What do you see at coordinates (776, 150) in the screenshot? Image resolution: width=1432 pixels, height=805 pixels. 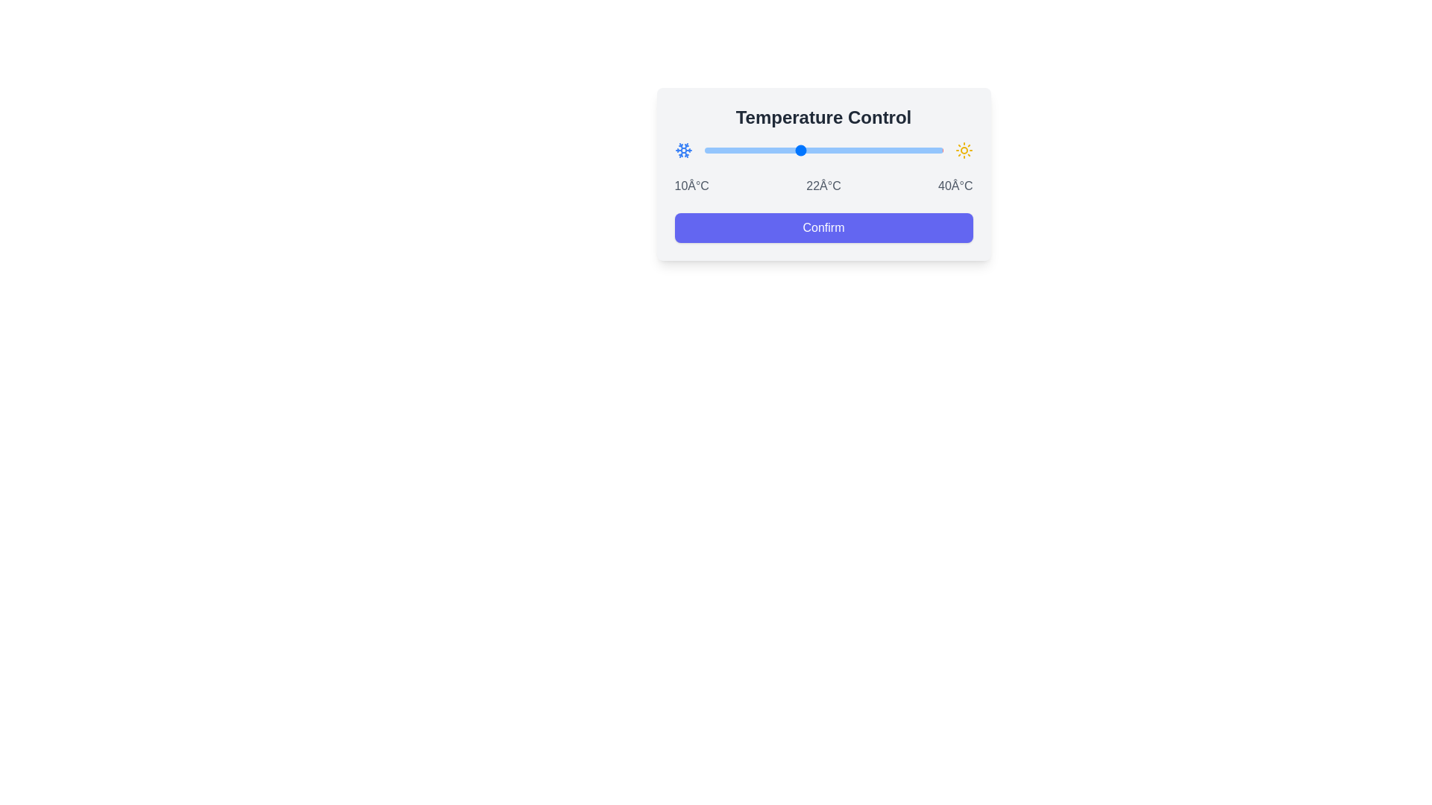 I see `the slider to set the temperature to 19°C` at bounding box center [776, 150].